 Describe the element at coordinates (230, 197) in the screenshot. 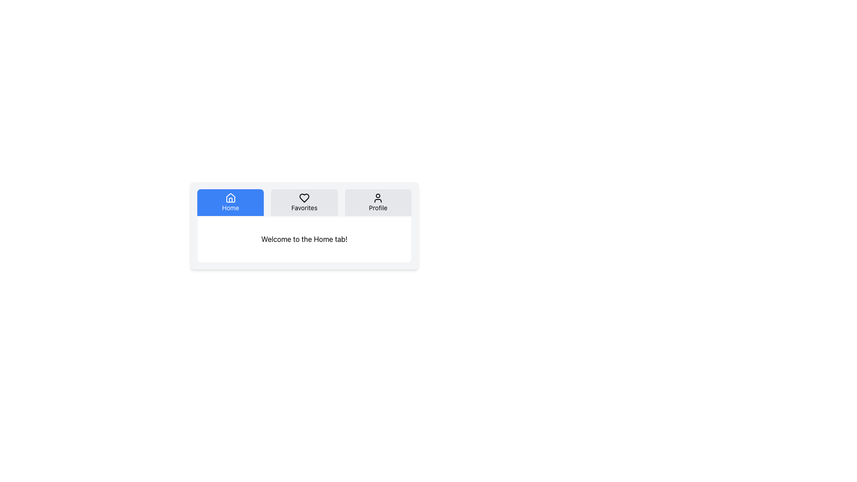

I see `the outlined house icon within the 'Home' button located at the top of the navigation bar` at that location.